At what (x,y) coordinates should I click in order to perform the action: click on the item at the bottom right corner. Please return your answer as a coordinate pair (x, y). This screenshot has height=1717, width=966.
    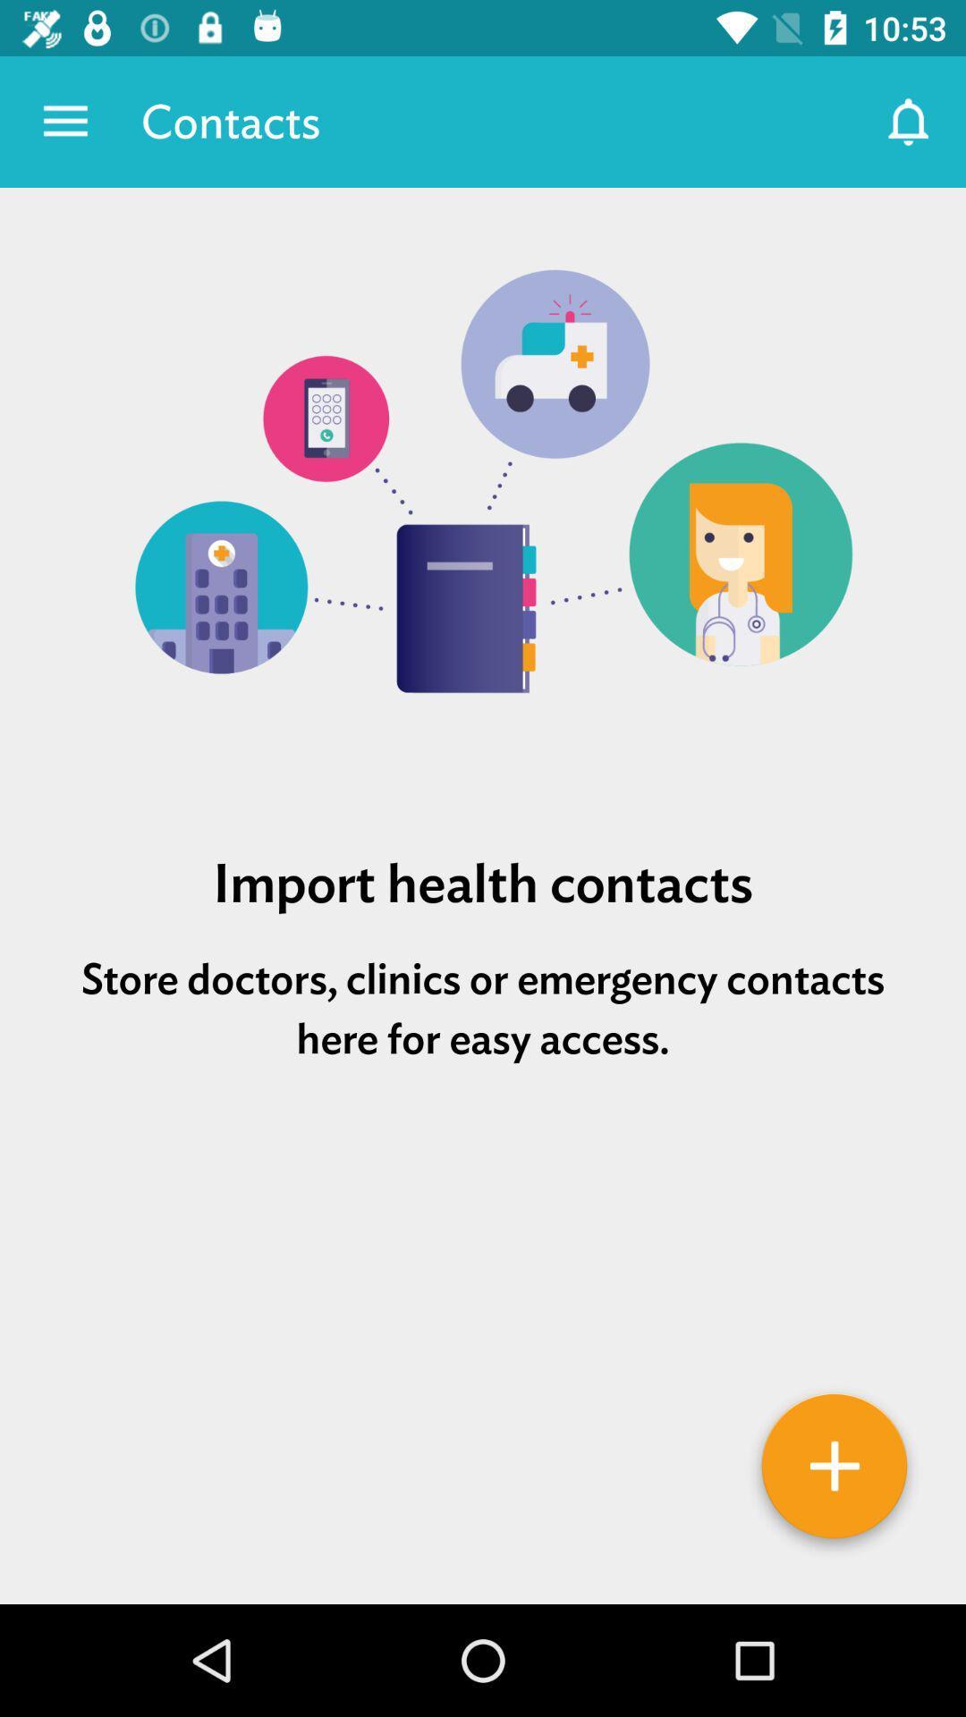
    Looking at the image, I should click on (835, 1472).